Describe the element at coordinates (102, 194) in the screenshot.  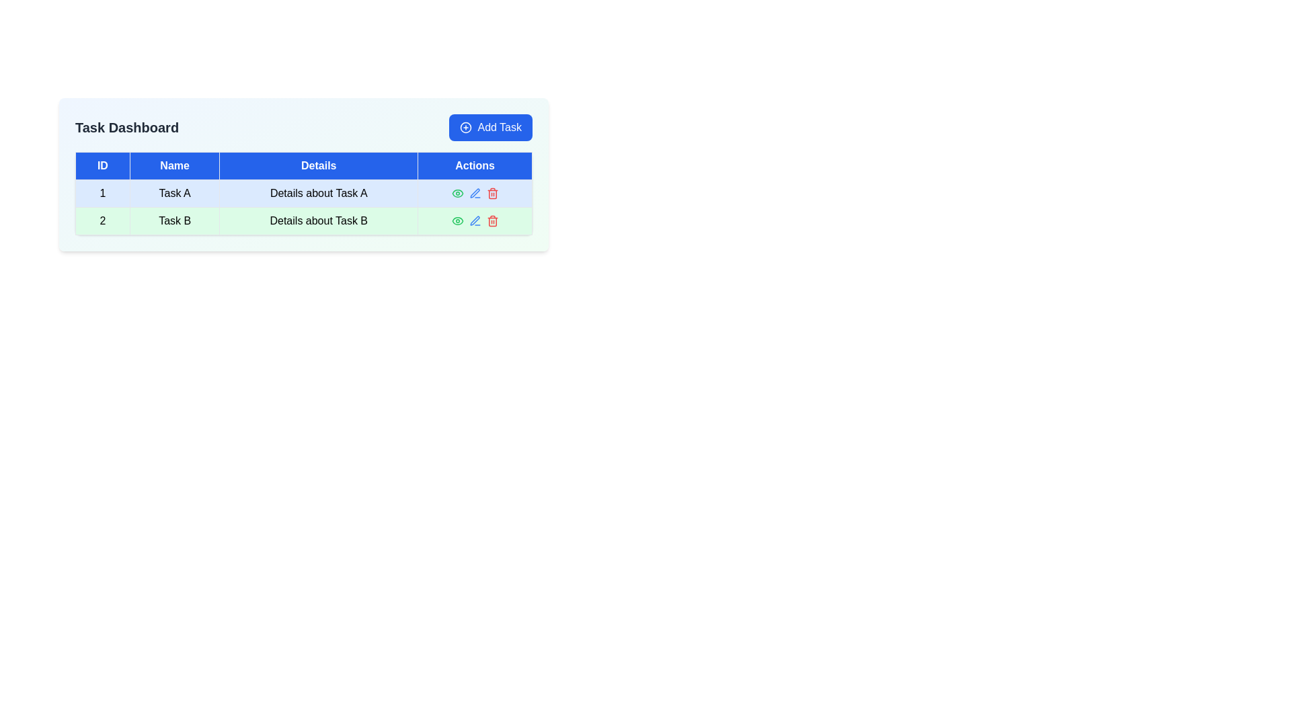
I see `the table cell containing the number '1' in the first column of the first row` at that location.